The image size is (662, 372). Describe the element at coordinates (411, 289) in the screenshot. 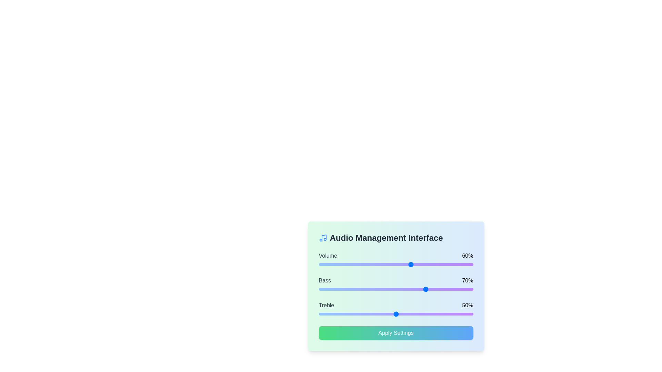

I see `the slider` at that location.